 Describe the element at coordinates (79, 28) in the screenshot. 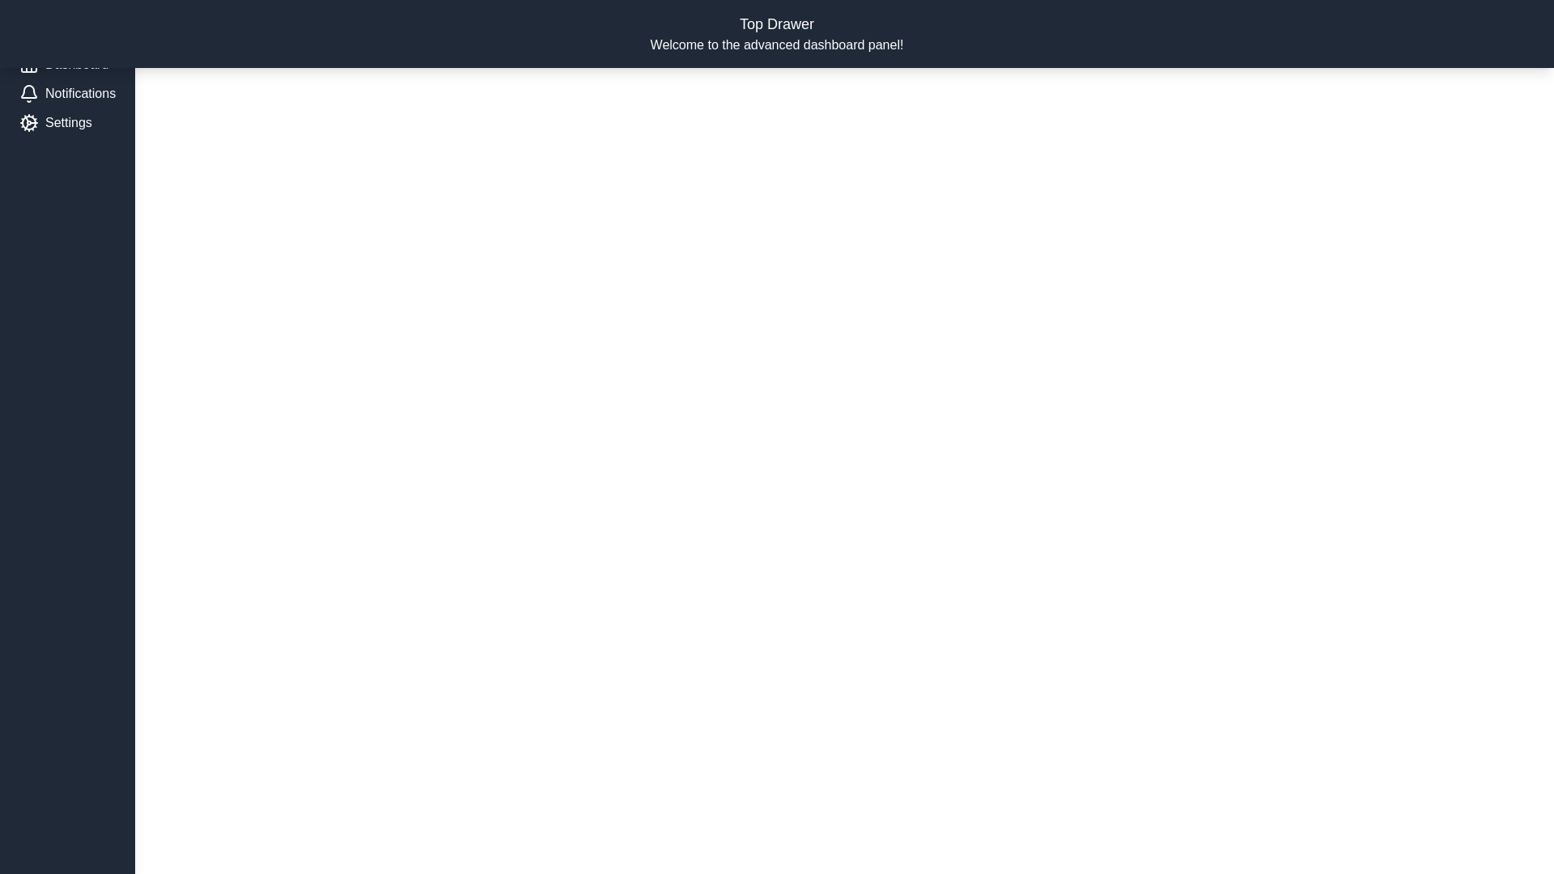

I see `'Toggle Left Drawer' button to toggle the left drawer's open/close state` at that location.